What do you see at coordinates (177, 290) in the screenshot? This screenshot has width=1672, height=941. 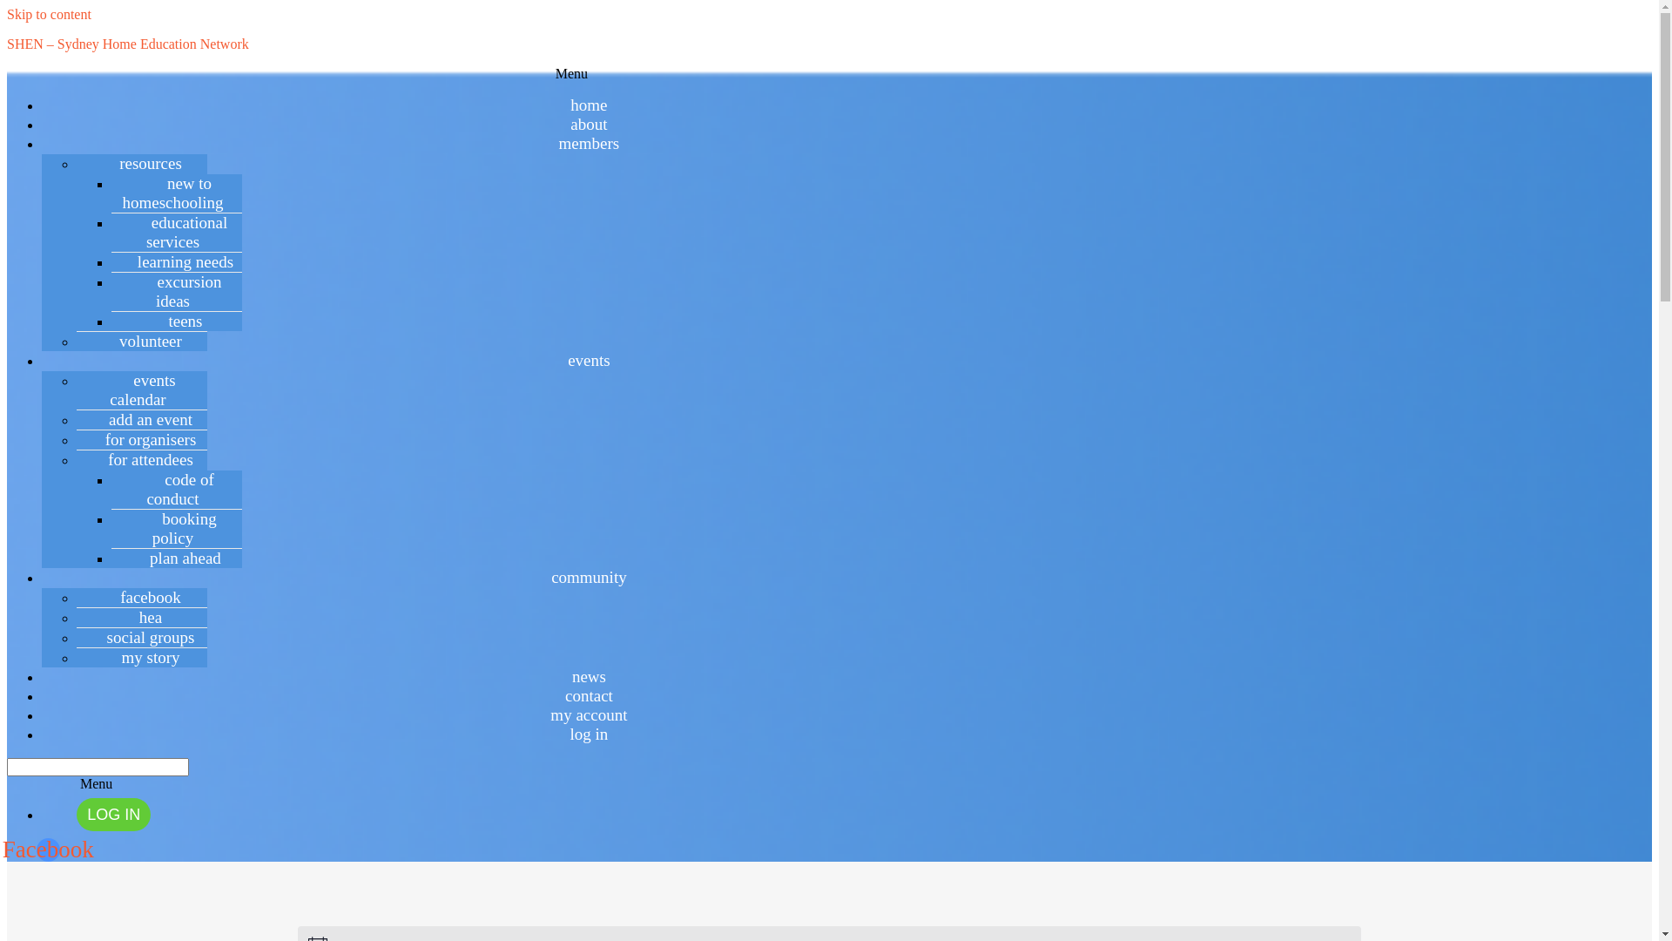 I see `'excursion ideas'` at bounding box center [177, 290].